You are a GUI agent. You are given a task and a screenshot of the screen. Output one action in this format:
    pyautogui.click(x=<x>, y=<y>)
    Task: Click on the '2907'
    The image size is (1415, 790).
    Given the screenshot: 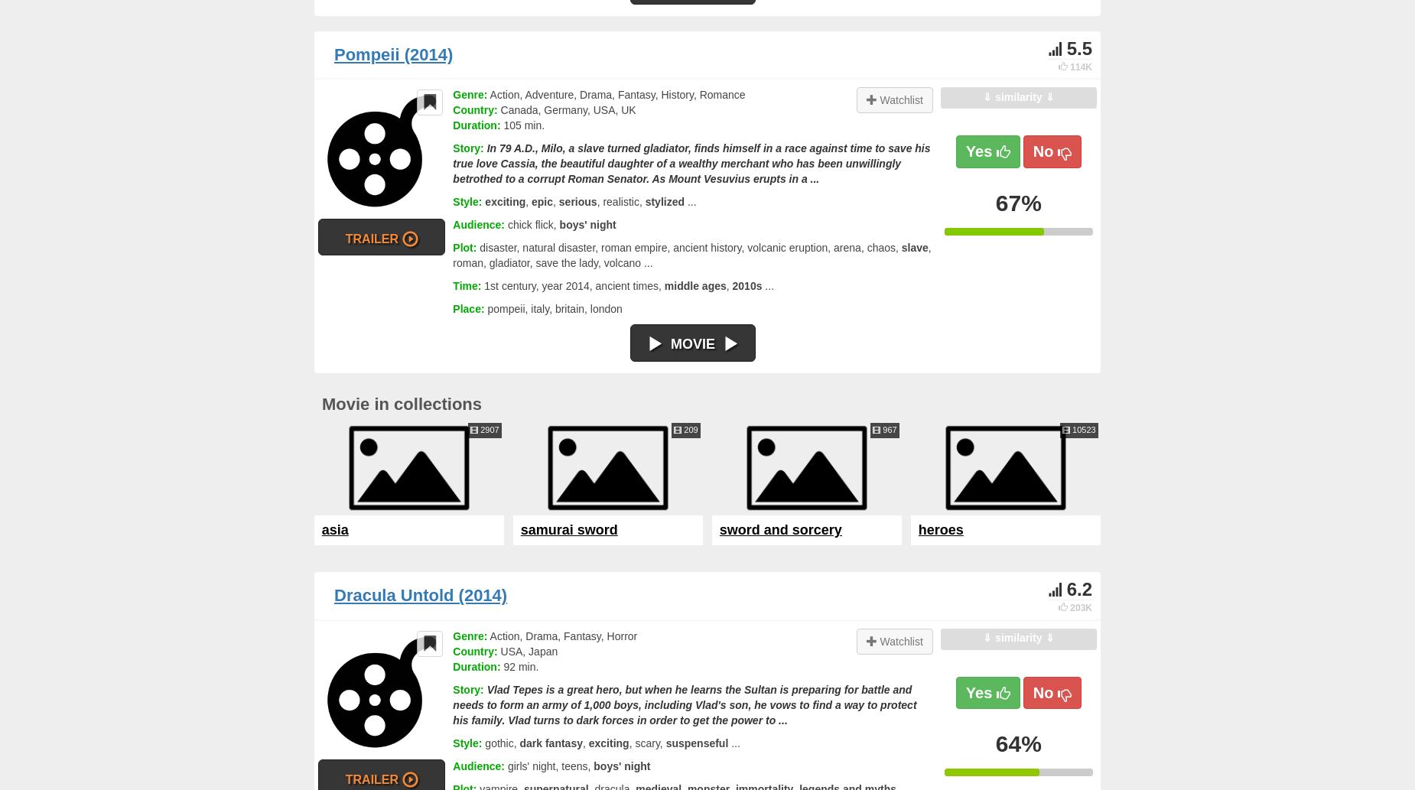 What is the action you would take?
    pyautogui.click(x=488, y=428)
    